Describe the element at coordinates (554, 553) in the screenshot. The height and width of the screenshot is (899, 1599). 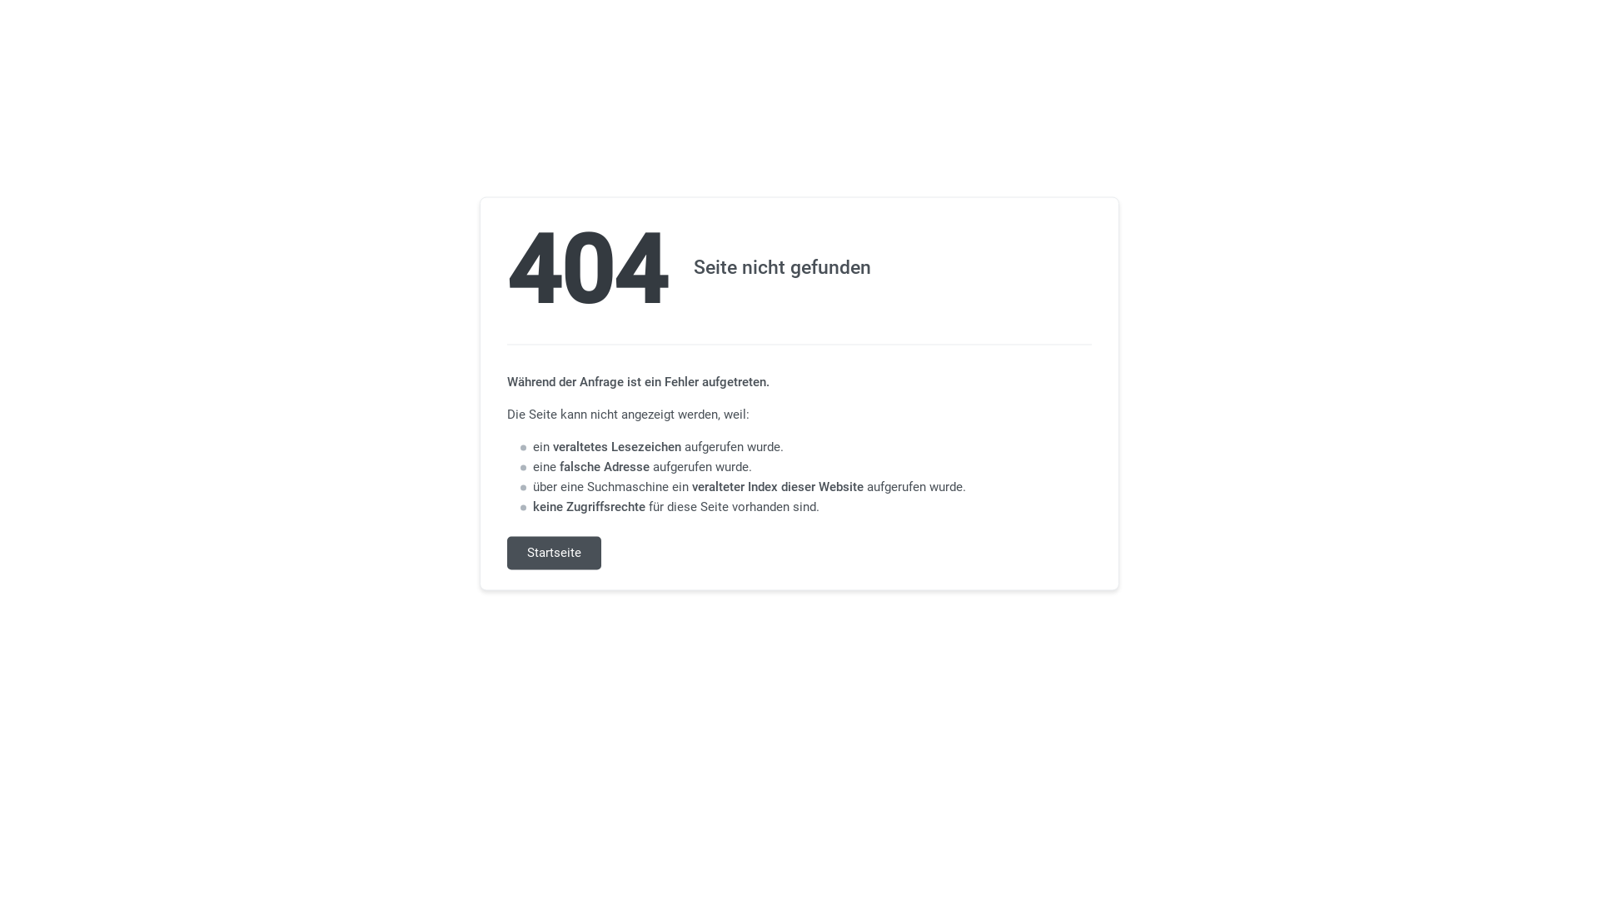
I see `'Startseite'` at that location.